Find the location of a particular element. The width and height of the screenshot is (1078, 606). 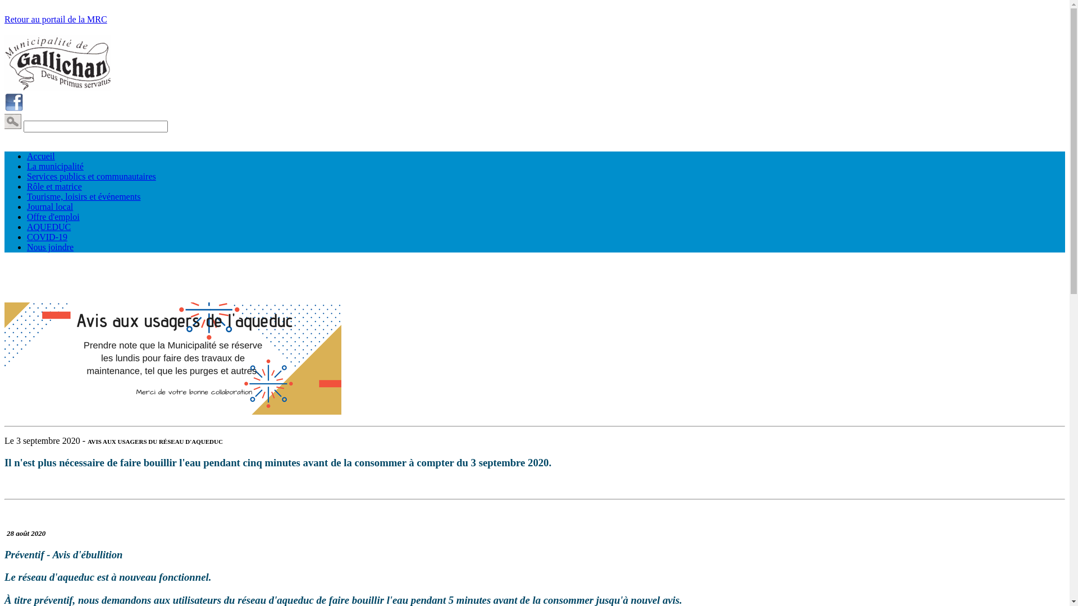

'Nous joindre' is located at coordinates (49, 246).